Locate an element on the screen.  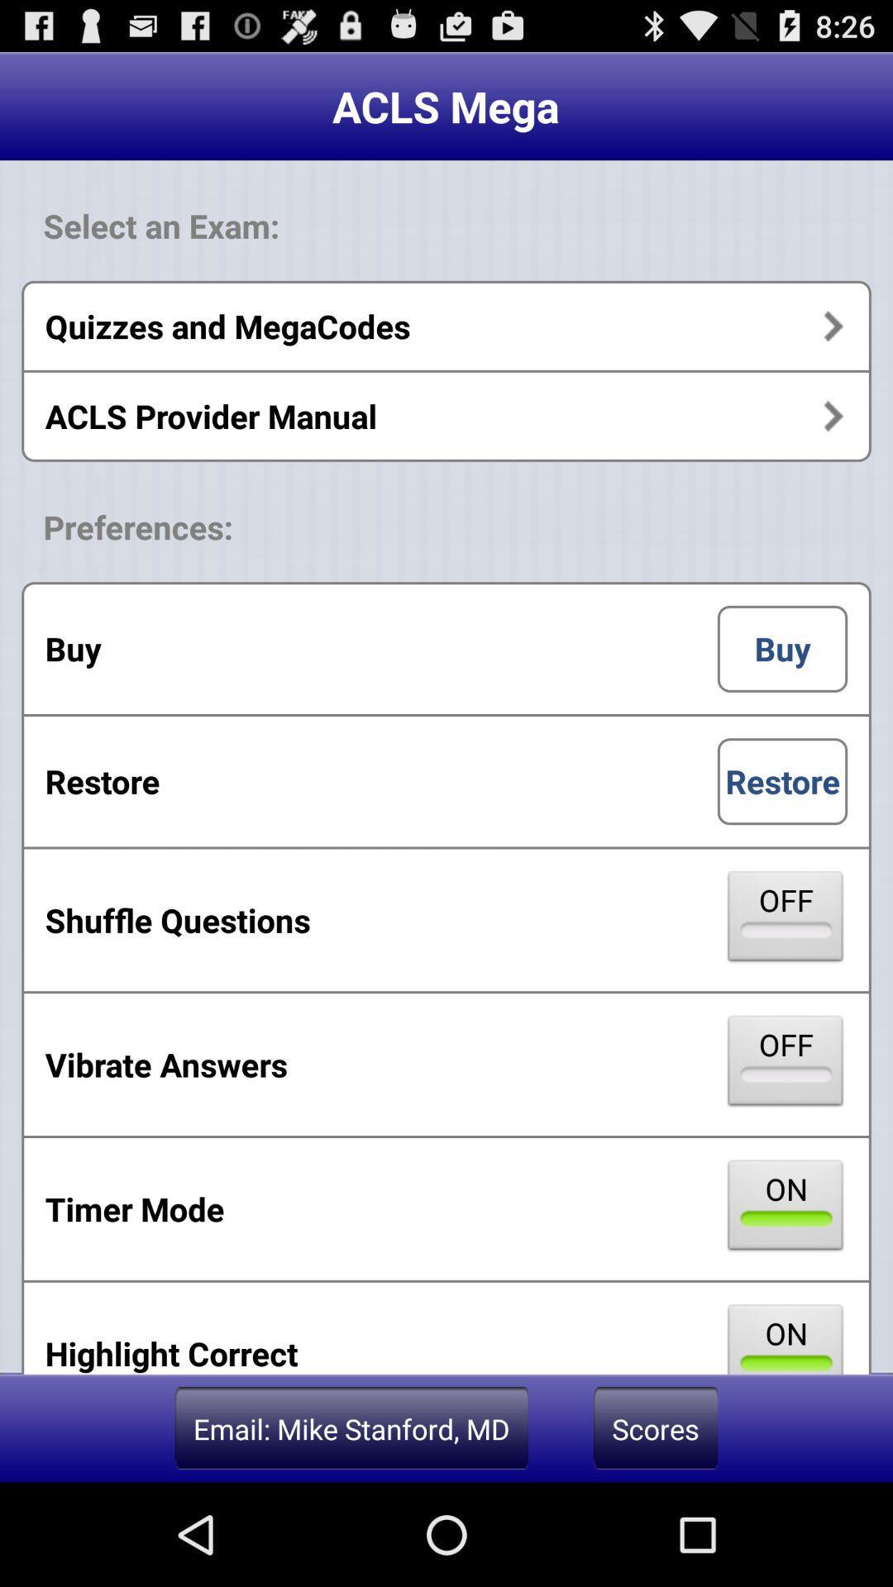
the email mike stanford button is located at coordinates (351, 1427).